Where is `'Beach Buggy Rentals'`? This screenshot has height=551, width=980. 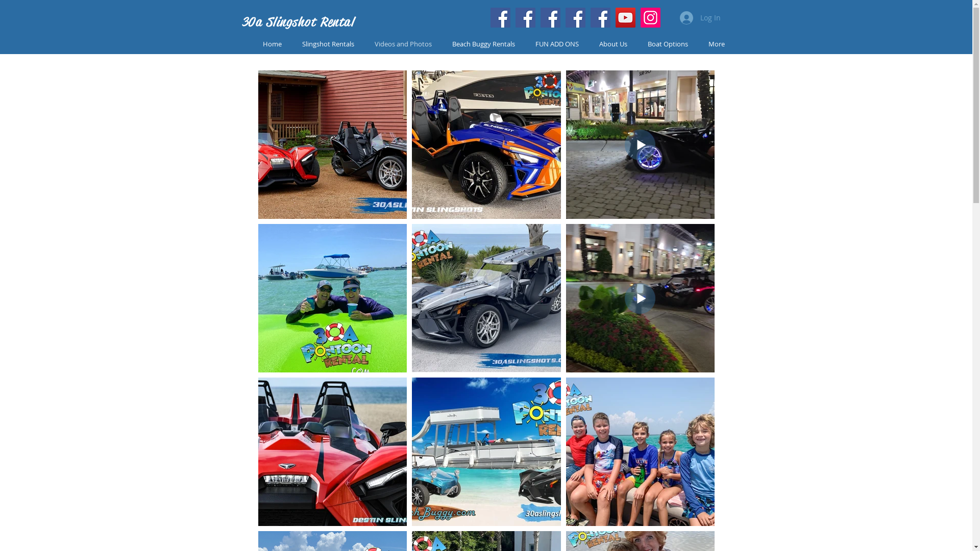 'Beach Buggy Rentals' is located at coordinates (483, 43).